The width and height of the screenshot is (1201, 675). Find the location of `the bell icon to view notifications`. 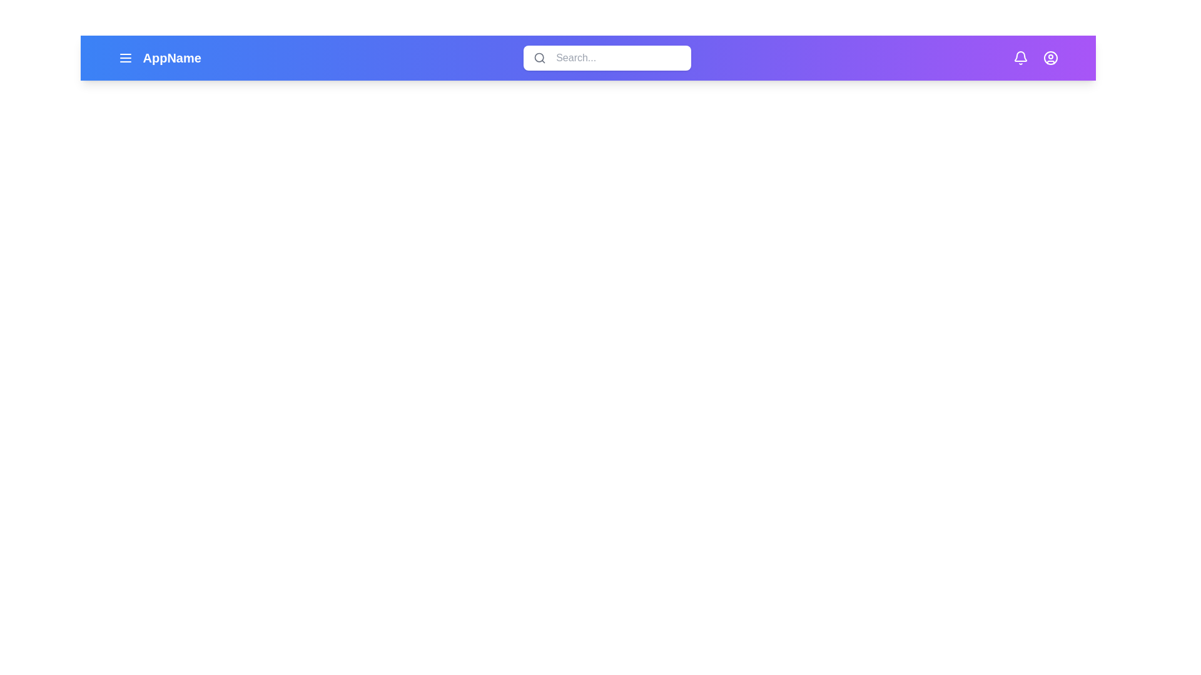

the bell icon to view notifications is located at coordinates (1021, 57).